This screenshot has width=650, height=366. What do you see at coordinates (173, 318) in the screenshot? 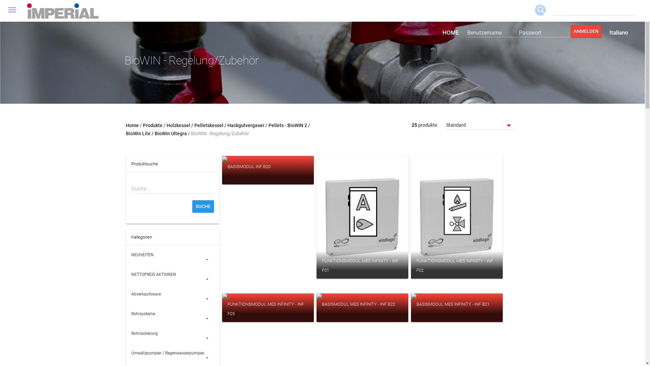
I see `'Rohrsysteme` at bounding box center [173, 318].